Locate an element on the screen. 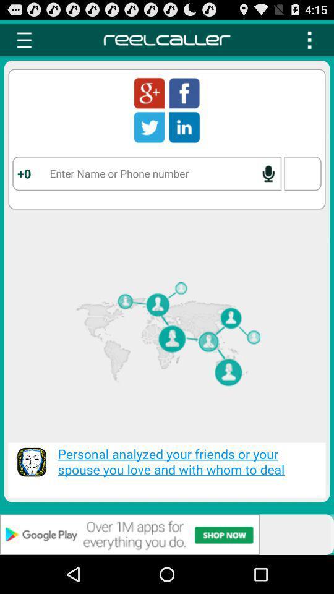  the follow icon is located at coordinates (149, 98).